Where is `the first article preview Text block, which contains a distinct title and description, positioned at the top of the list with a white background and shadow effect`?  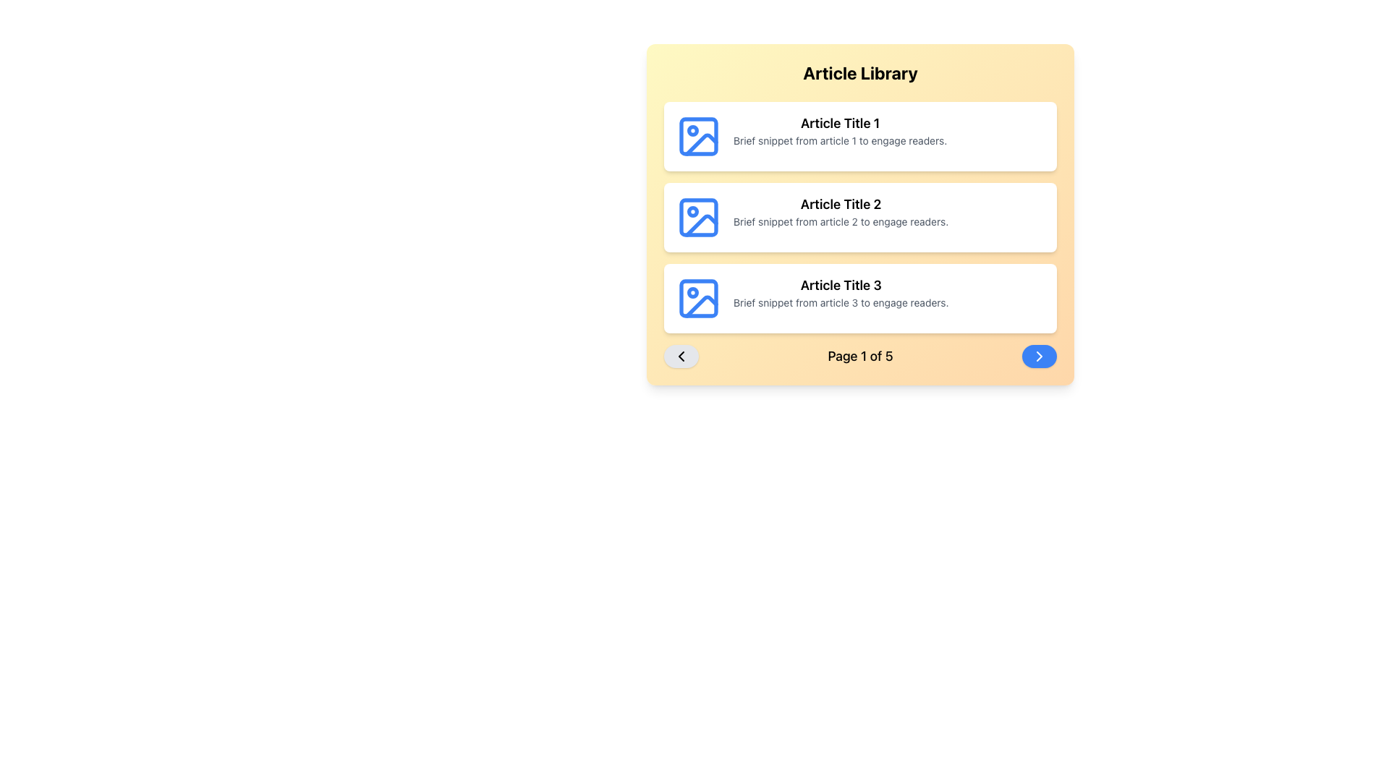 the first article preview Text block, which contains a distinct title and description, positioned at the top of the list with a white background and shadow effect is located at coordinates (840, 131).